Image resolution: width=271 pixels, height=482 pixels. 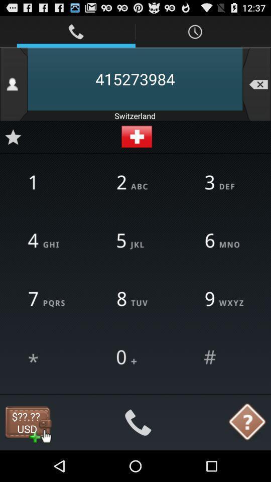 What do you see at coordinates (47, 357) in the screenshot?
I see `enter  under 7` at bounding box center [47, 357].